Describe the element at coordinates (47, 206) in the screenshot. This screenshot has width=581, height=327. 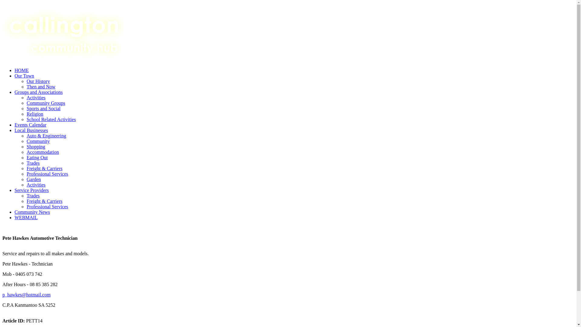
I see `'Professional Services'` at that location.